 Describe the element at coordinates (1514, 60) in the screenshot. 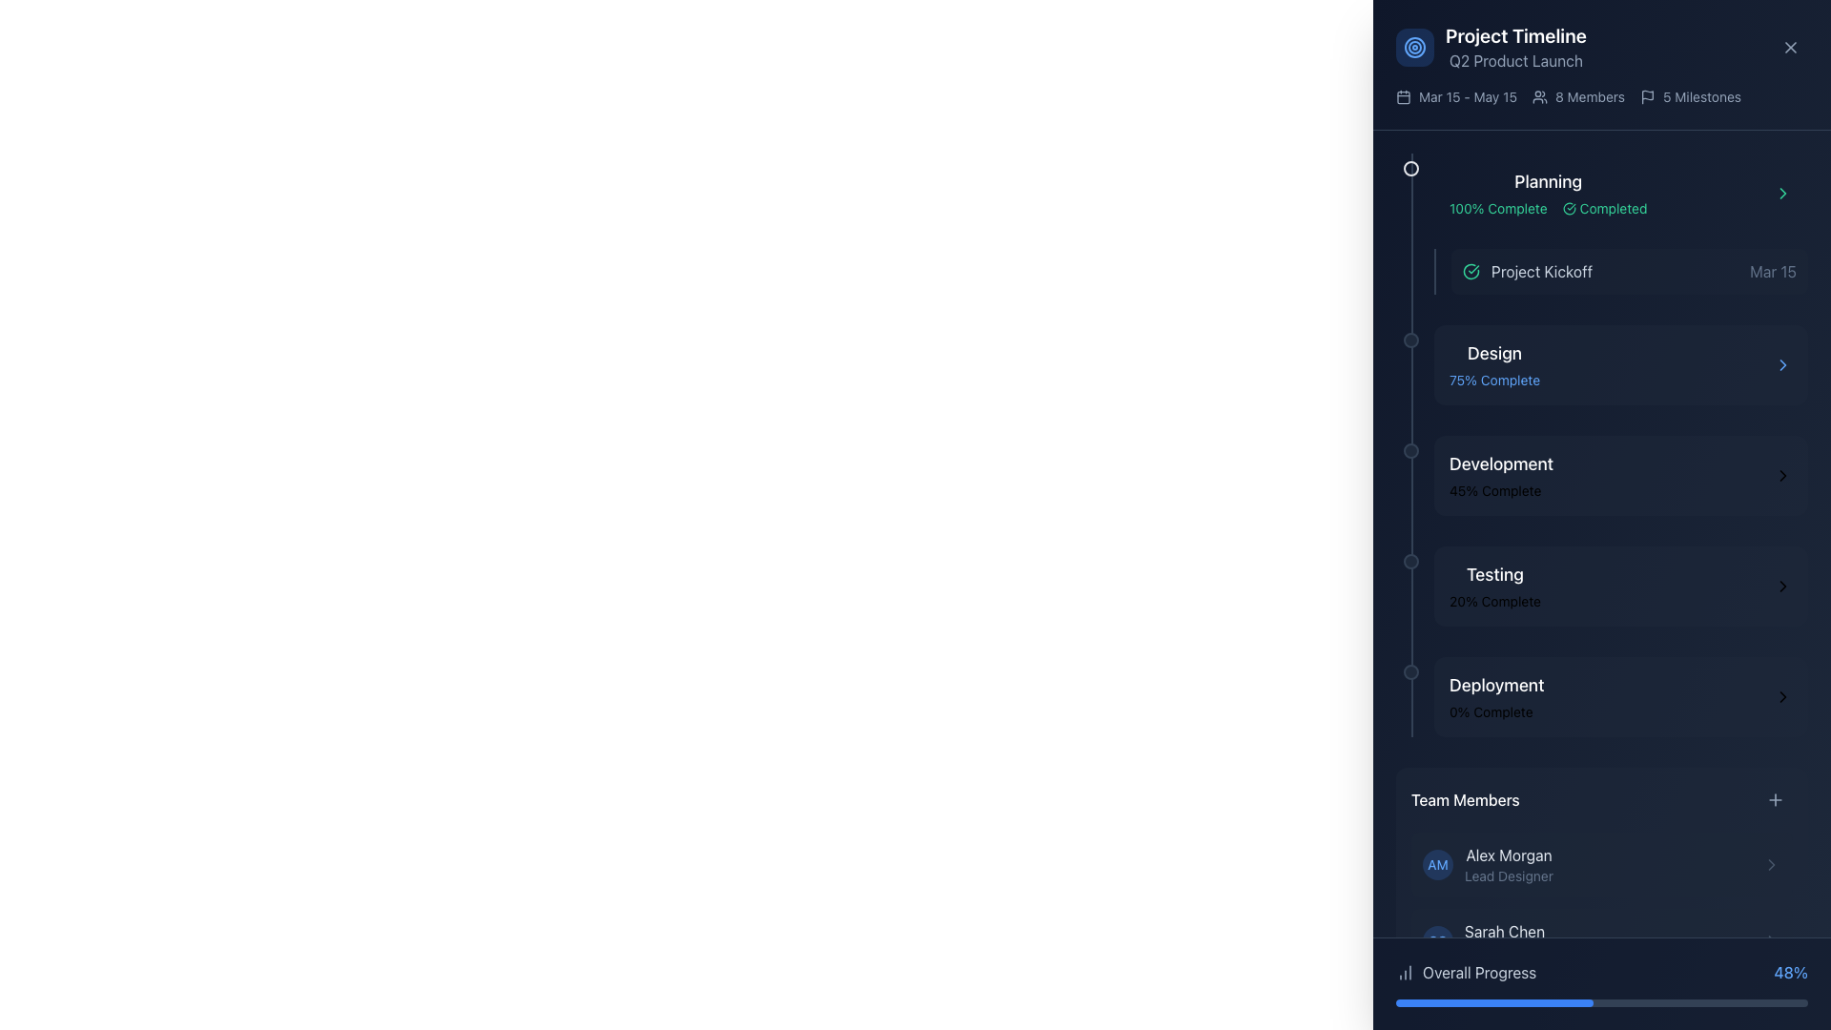

I see `the label or informational text situated in the header section, directly below the 'Project Timeline' text` at that location.